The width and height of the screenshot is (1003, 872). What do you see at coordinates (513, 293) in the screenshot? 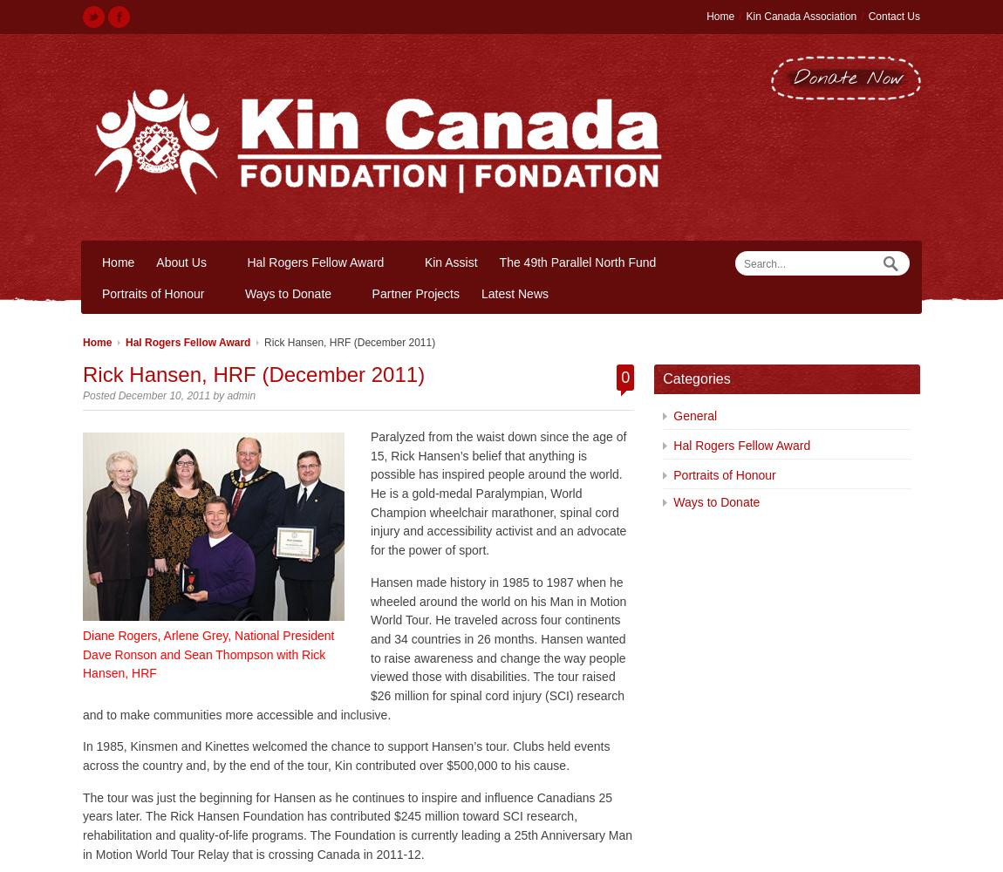
I see `'Latest News'` at bounding box center [513, 293].